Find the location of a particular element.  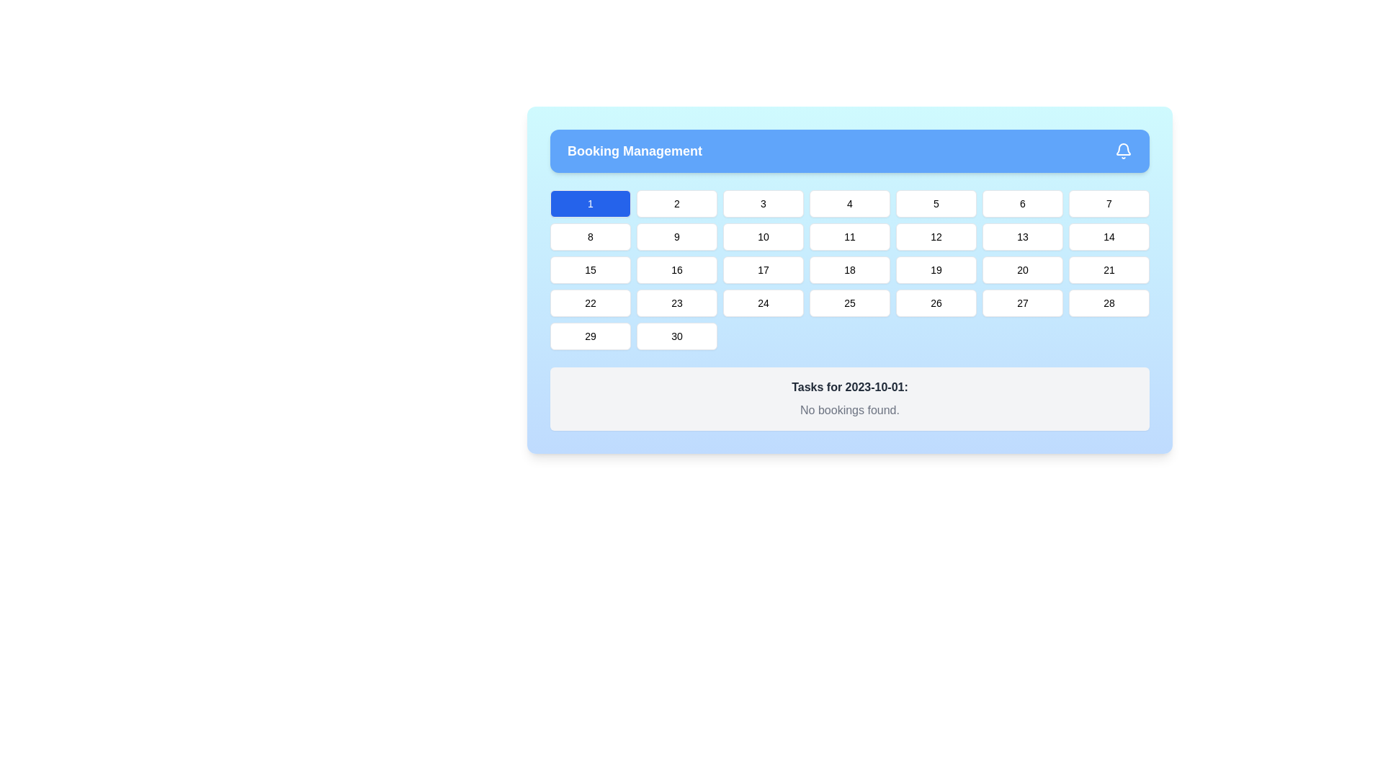

the calendar day button located in the third row and third column of the grid is located at coordinates (763, 269).